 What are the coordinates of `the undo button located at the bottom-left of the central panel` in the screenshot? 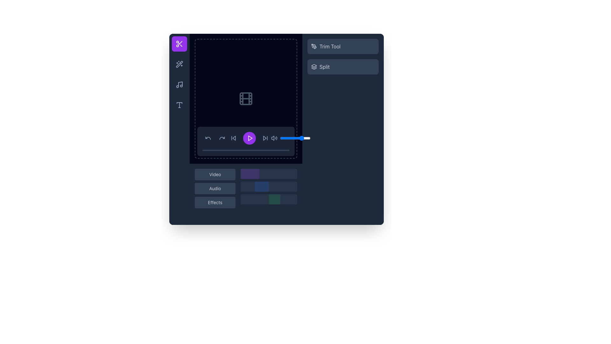 It's located at (208, 138).